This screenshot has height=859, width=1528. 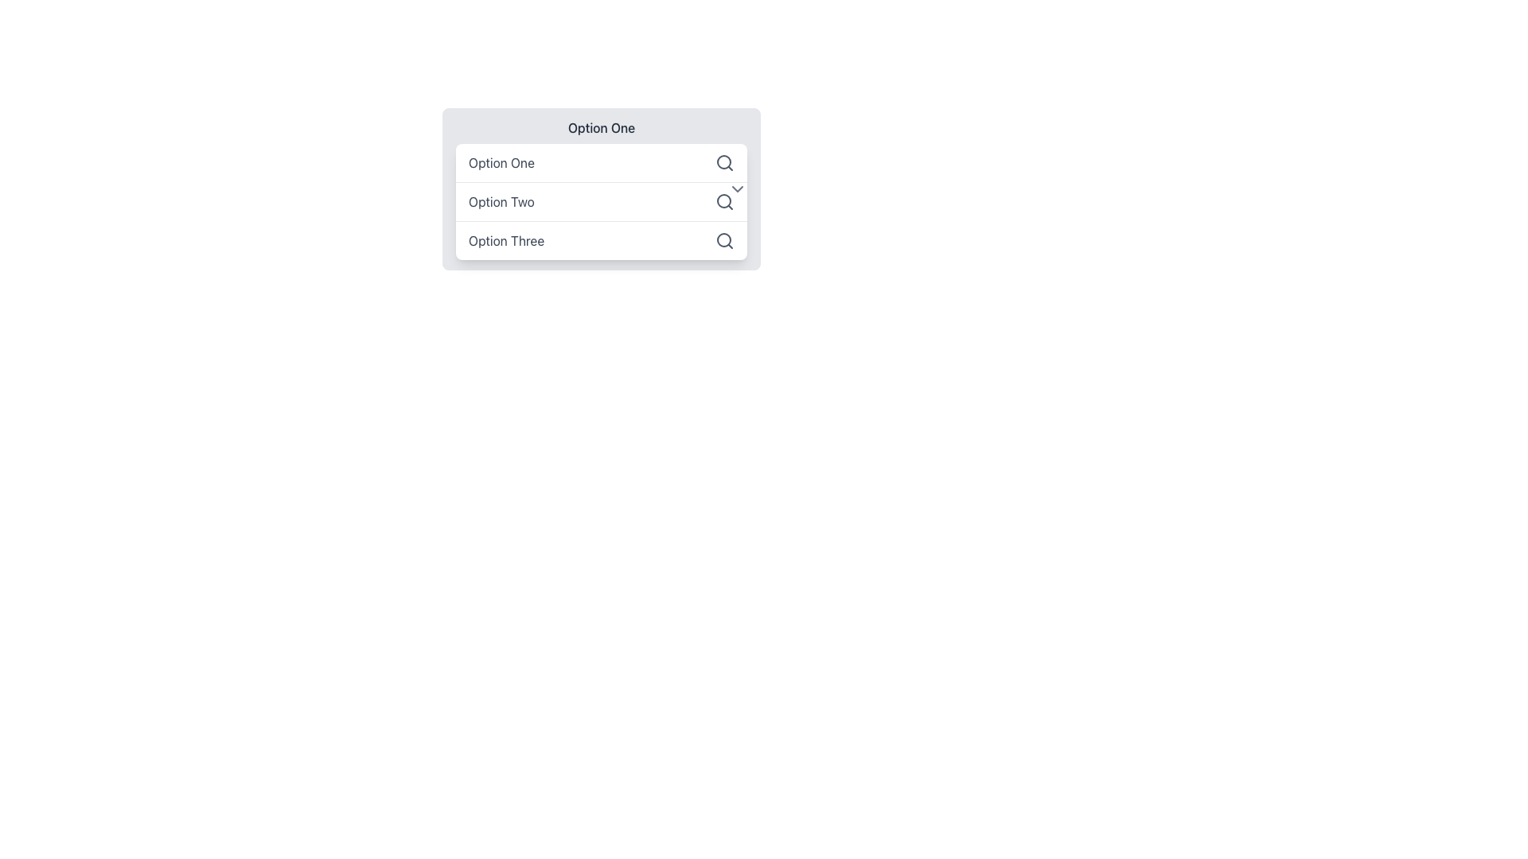 What do you see at coordinates (724, 162) in the screenshot?
I see `the search icon located at the far right of the 'Option One' item` at bounding box center [724, 162].